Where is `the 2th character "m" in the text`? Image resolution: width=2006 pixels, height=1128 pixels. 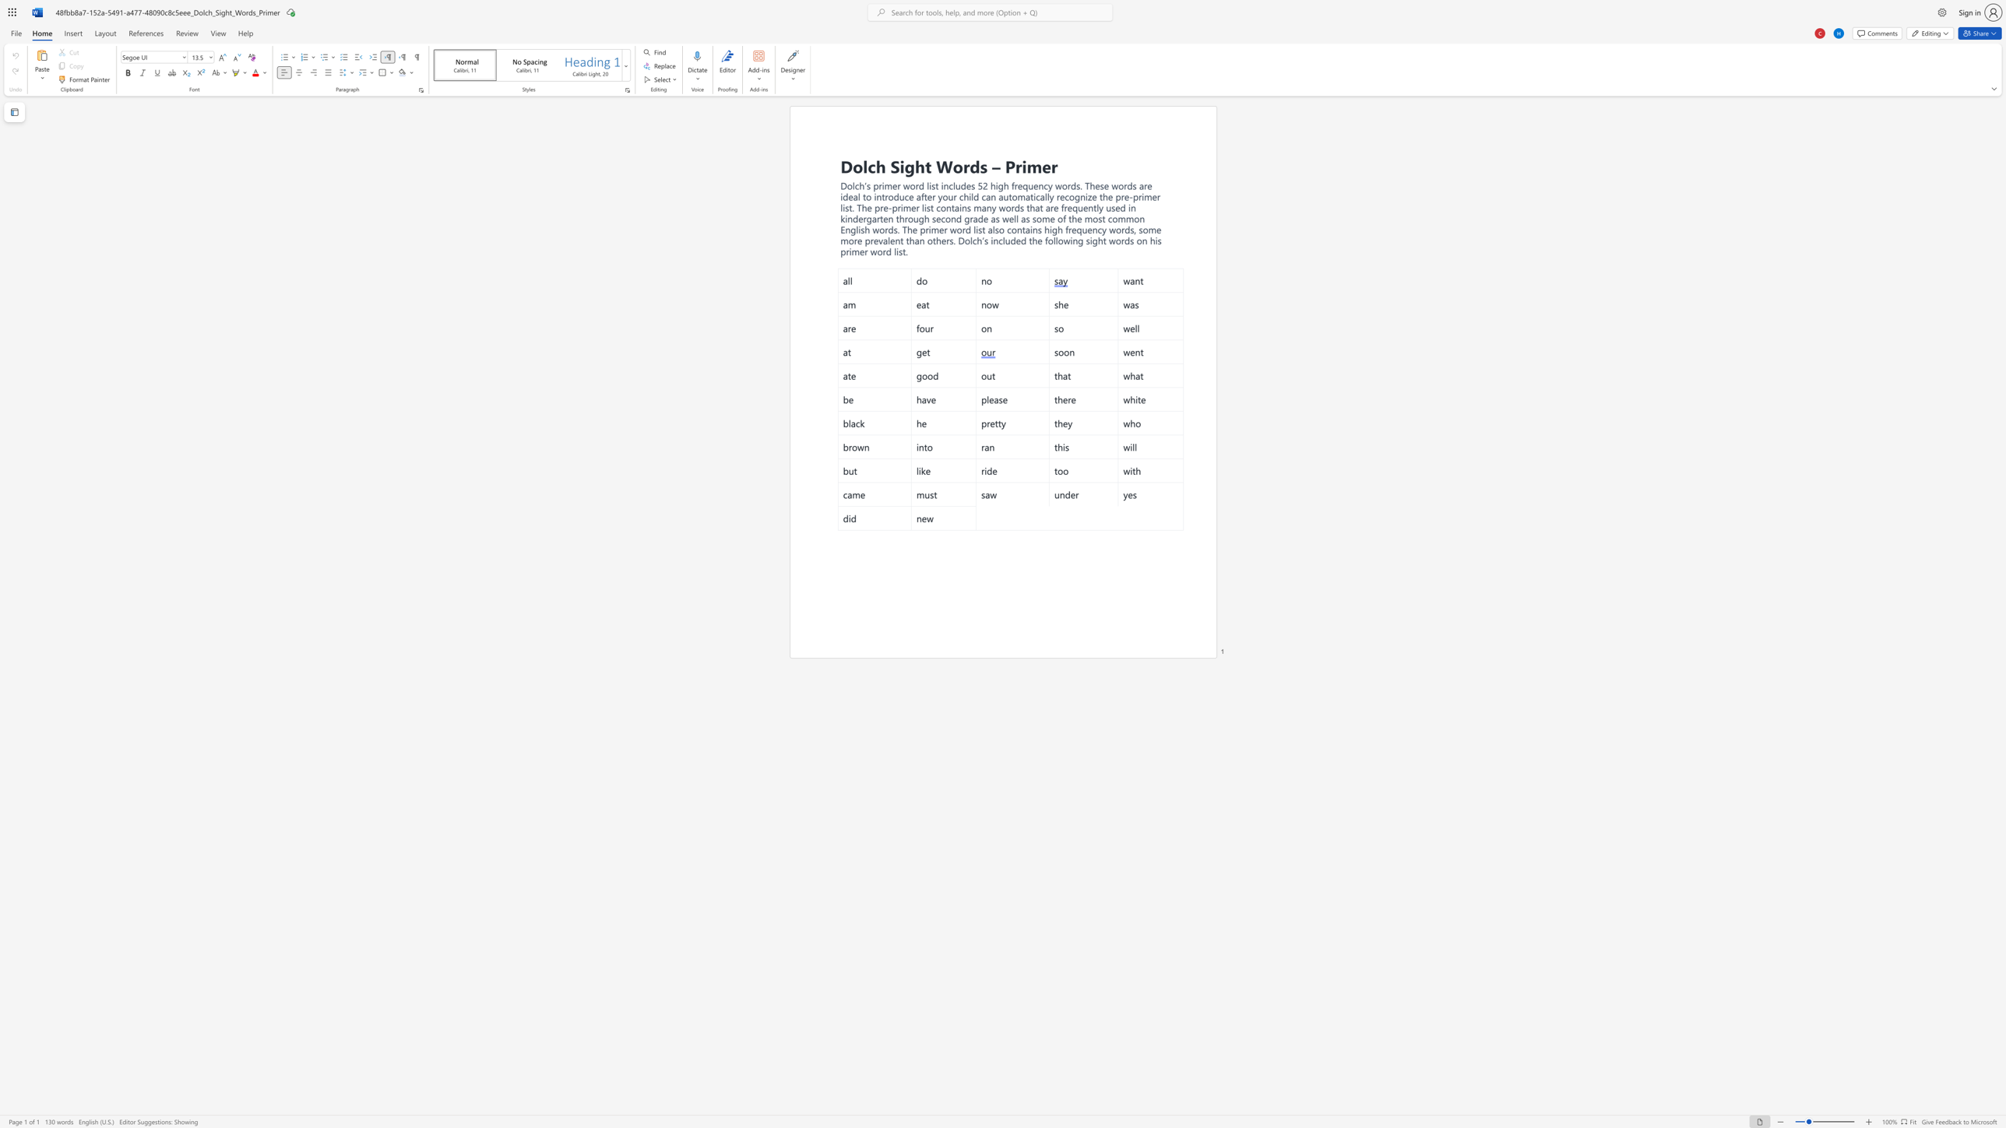 the 2th character "m" in the text is located at coordinates (844, 240).